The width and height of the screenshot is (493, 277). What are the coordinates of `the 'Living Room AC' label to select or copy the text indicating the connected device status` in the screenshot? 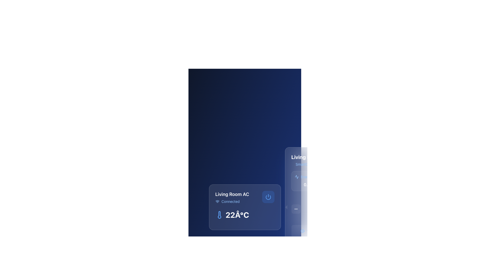 It's located at (244, 197).